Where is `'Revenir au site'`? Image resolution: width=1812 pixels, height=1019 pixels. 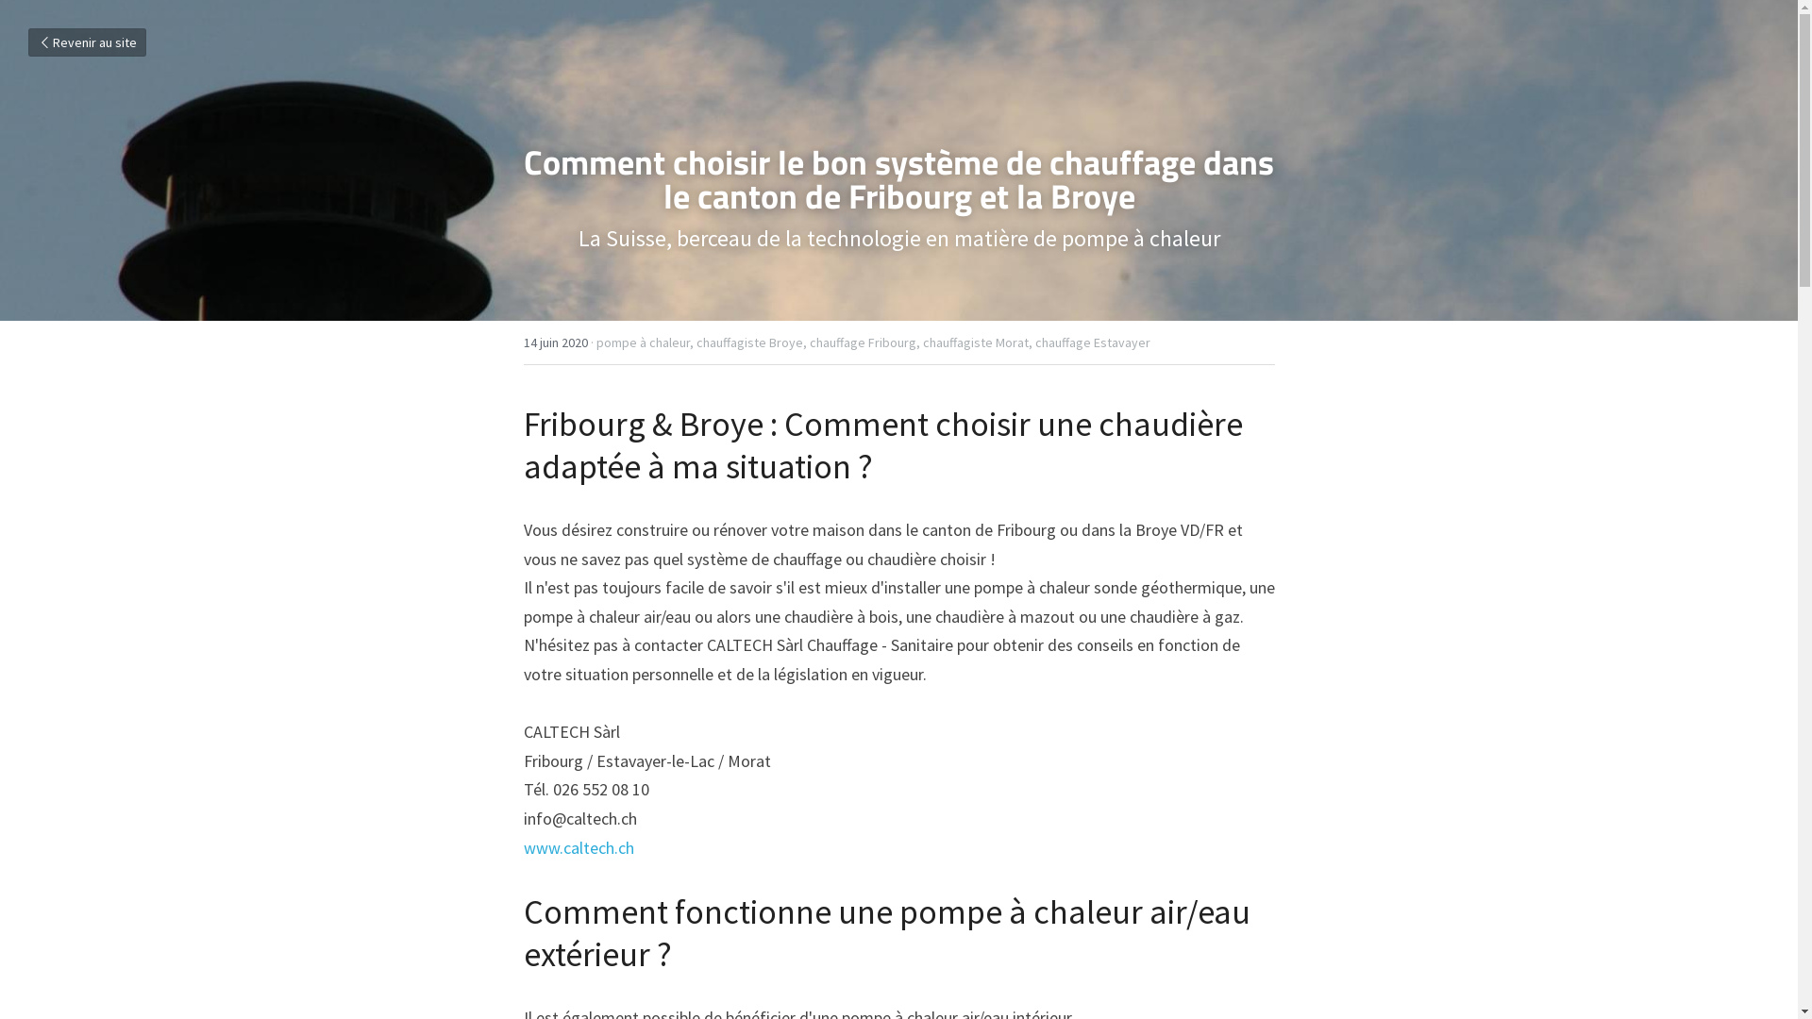 'Revenir au site' is located at coordinates (86, 42).